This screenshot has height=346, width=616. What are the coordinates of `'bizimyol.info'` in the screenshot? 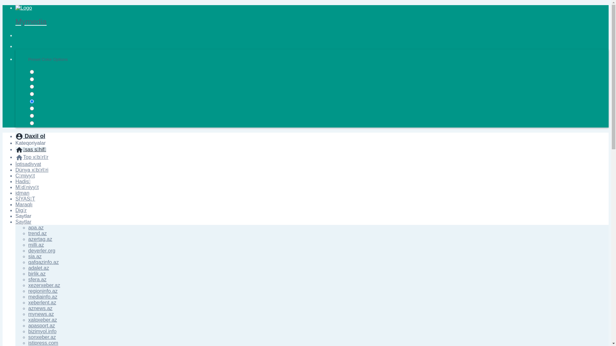 It's located at (42, 331).